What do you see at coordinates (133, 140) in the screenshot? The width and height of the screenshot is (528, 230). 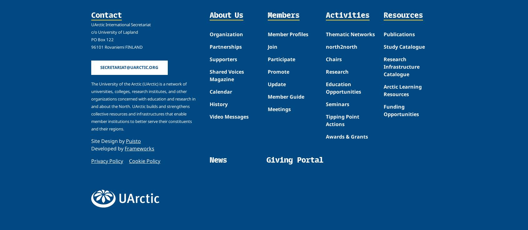 I see `'Puisto'` at bounding box center [133, 140].